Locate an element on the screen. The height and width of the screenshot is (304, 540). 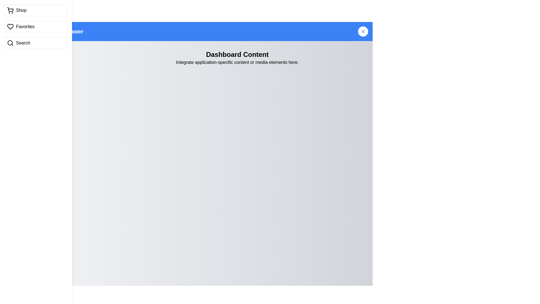
the heart-shaped icon located to the left of the 'Favorites' text in the left-side navigation drawer is located at coordinates (10, 27).